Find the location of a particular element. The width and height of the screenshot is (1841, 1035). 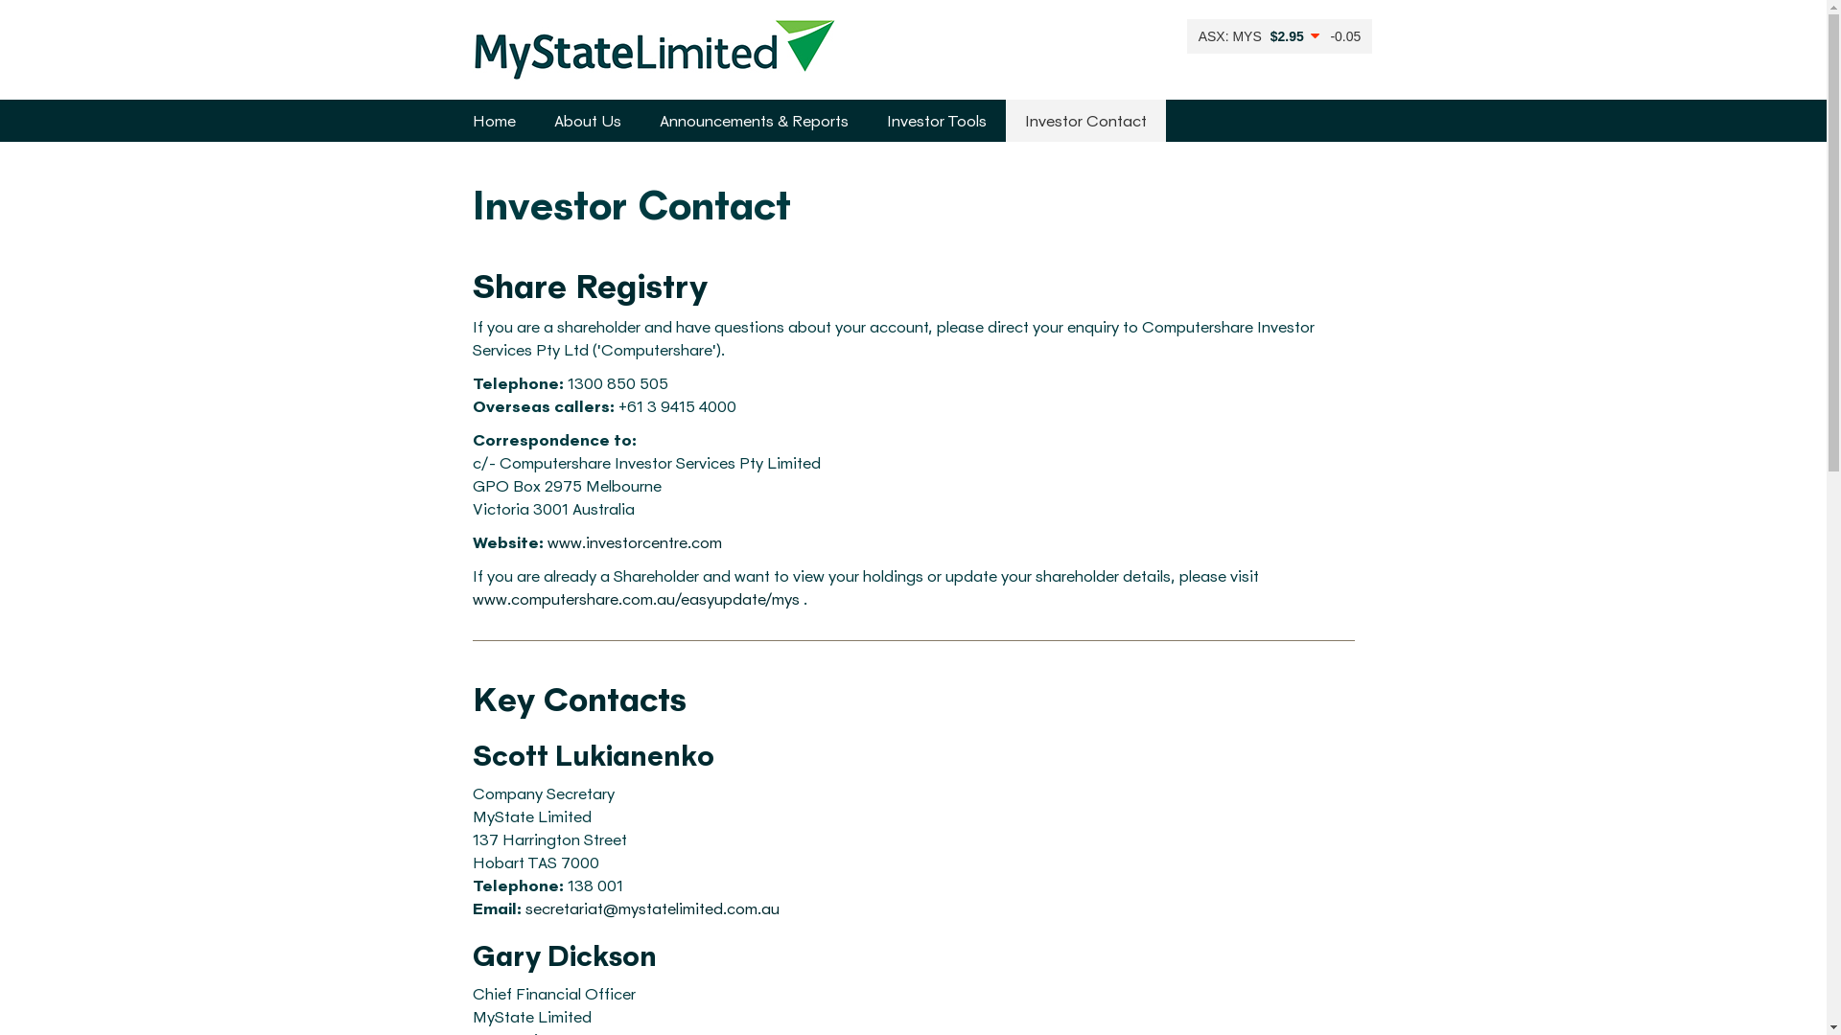

'www.computershare.com.au/easyupdate/mys is located at coordinates (635, 597).